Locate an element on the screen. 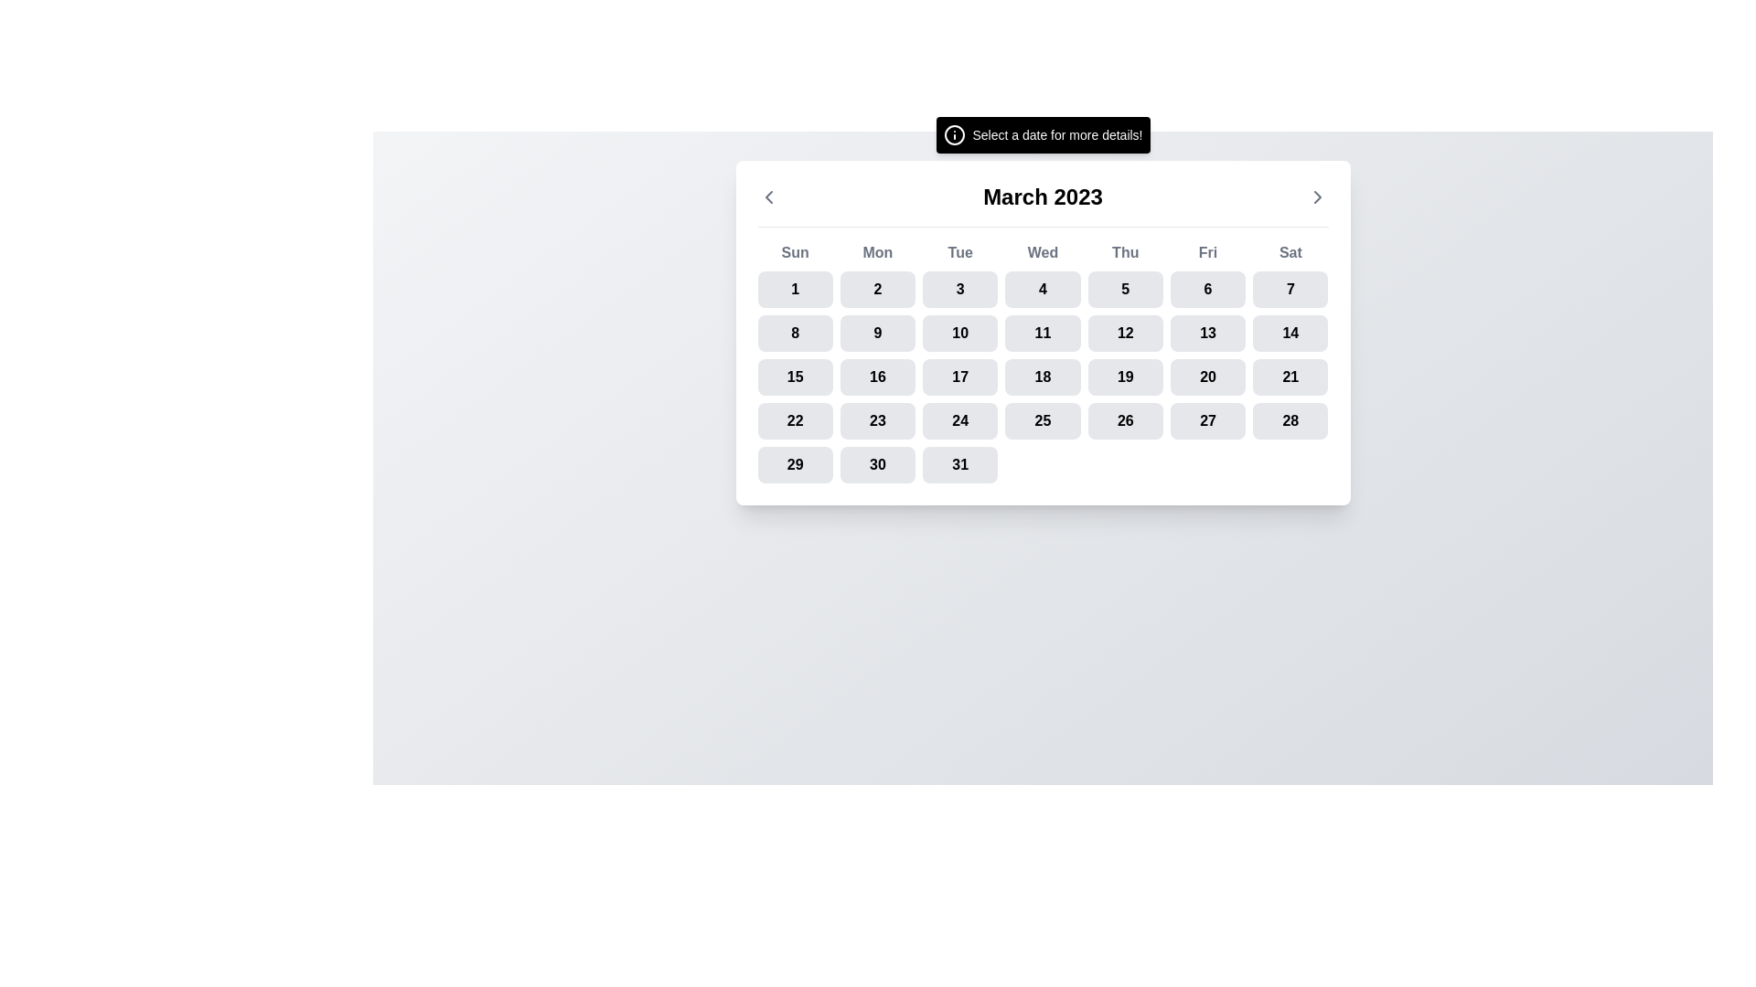 The image size is (1756, 987). the Text Label (Header) that displays the current month is located at coordinates (1043, 197).